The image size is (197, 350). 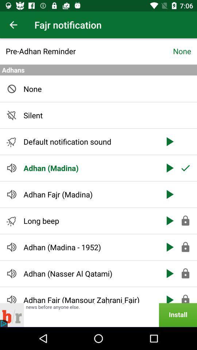 What do you see at coordinates (89, 273) in the screenshot?
I see `adhan nasser al icon` at bounding box center [89, 273].